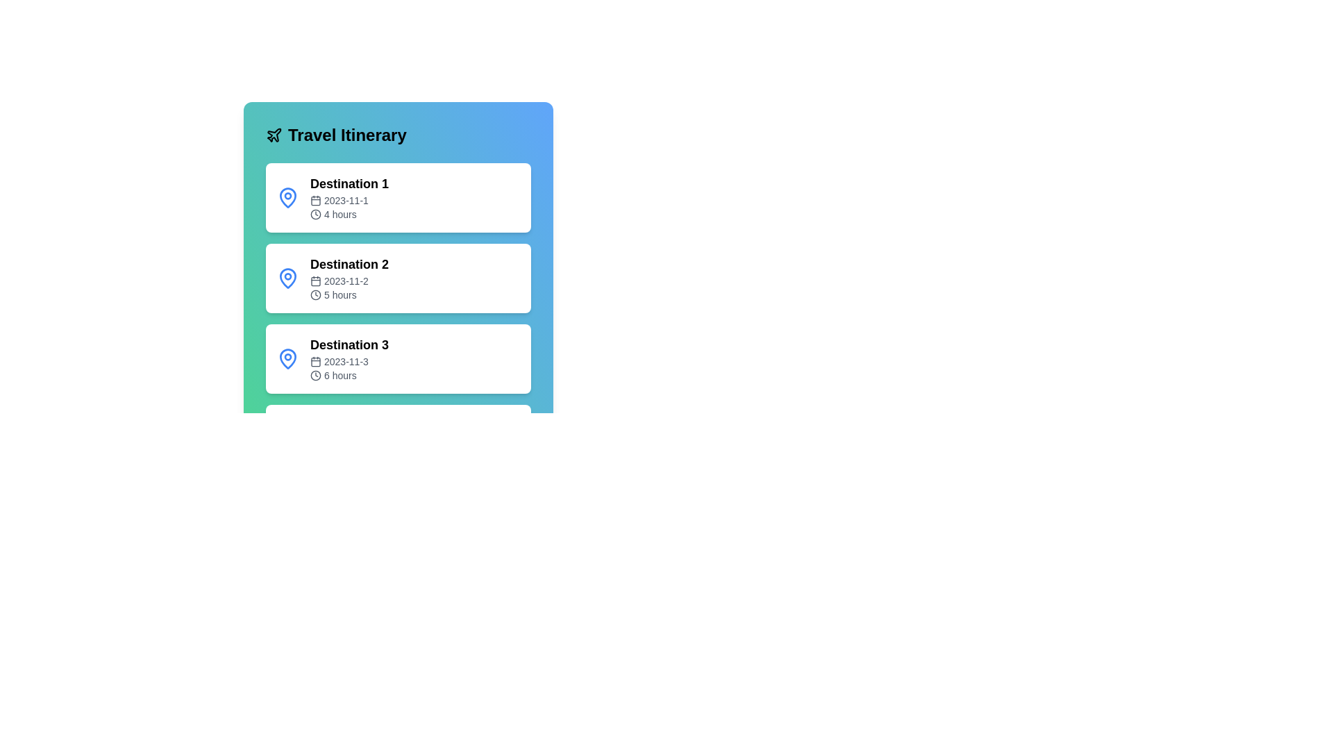 This screenshot has width=1333, height=750. Describe the element at coordinates (349, 214) in the screenshot. I see `the informational label displaying the duration of time associated with 'Destination 1' in the first card under the 'Travel Itinerary' section` at that location.